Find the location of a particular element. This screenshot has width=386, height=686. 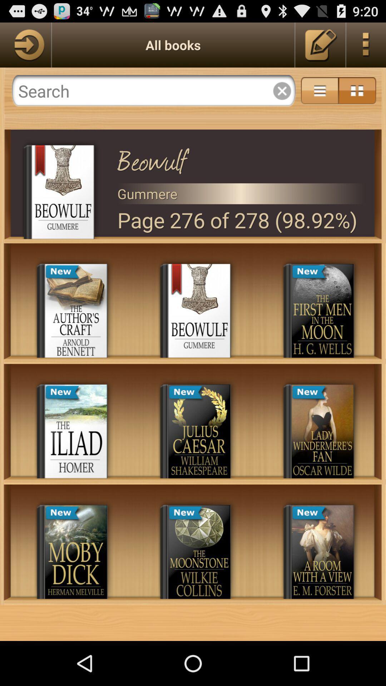

the edit icon is located at coordinates (320, 48).